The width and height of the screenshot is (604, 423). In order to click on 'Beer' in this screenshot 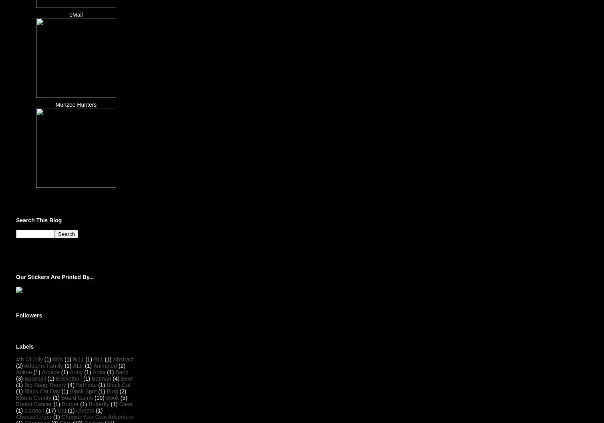, I will do `click(126, 378)`.